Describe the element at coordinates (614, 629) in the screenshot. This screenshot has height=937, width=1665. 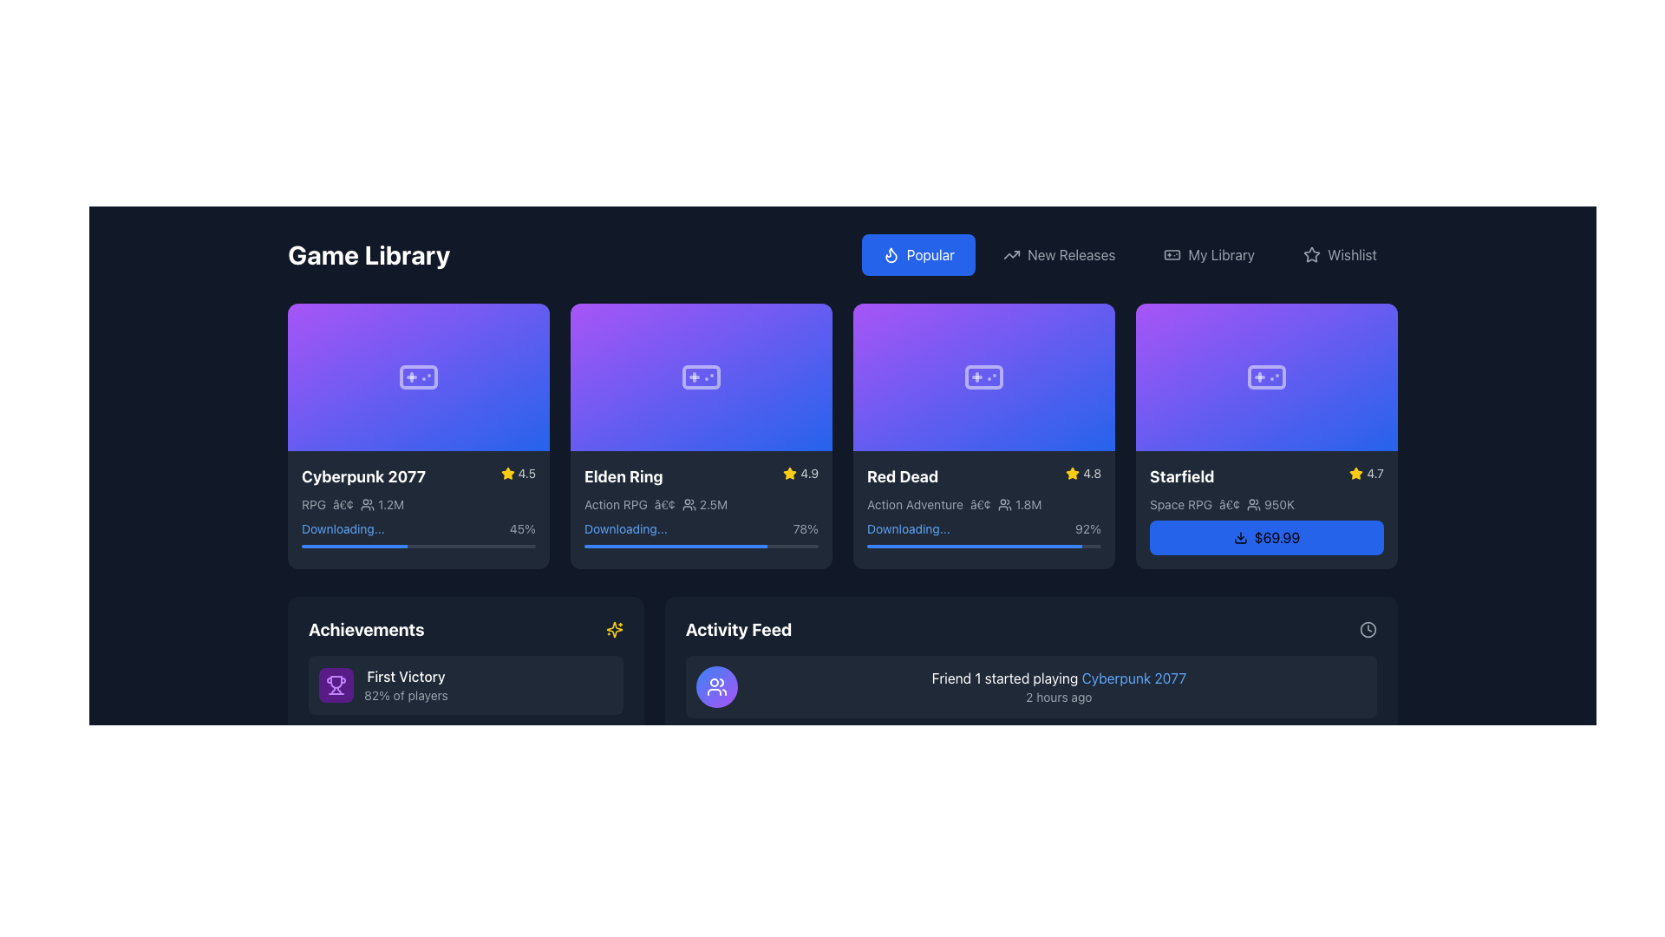
I see `the star-shaped icon representing achievements located to the right of the 'First Victory' achievement box in the 'Achievements' section` at that location.